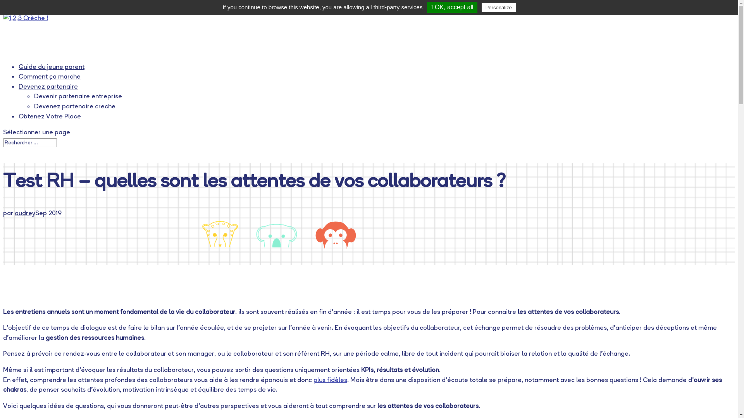 The image size is (744, 418). What do you see at coordinates (74, 106) in the screenshot?
I see `'Devenez partenaire creche'` at bounding box center [74, 106].